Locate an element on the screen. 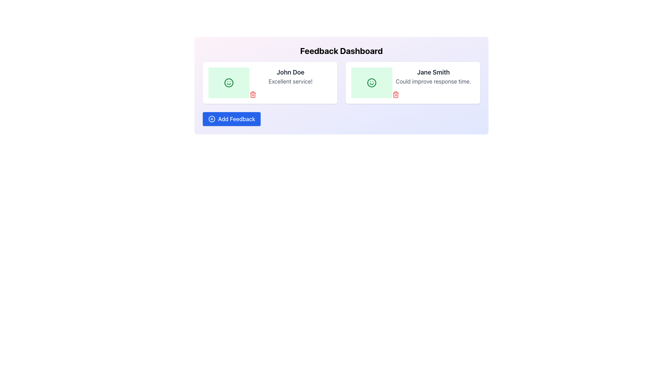  the Text Display element that shows the author's name in the feedback card on the right side of the Feedback Dashboard, located at the top-center of the card is located at coordinates (433, 72).